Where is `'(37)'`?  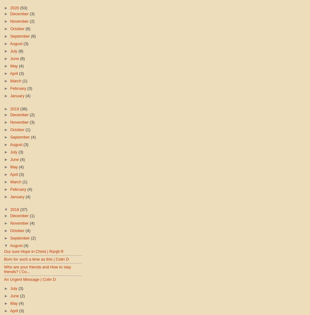 '(37)' is located at coordinates (20, 209).